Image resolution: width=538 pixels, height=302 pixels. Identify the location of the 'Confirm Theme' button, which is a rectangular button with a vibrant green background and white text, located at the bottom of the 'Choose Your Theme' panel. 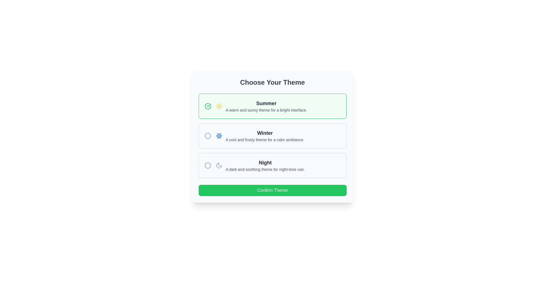
(272, 190).